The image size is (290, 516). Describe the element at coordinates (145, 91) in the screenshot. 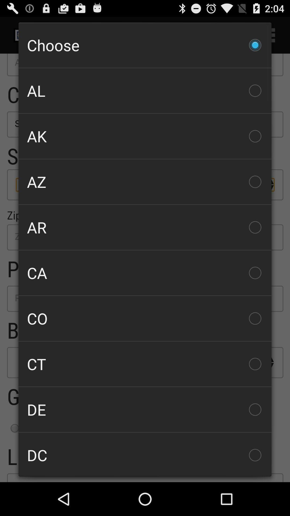

I see `al checkbox` at that location.